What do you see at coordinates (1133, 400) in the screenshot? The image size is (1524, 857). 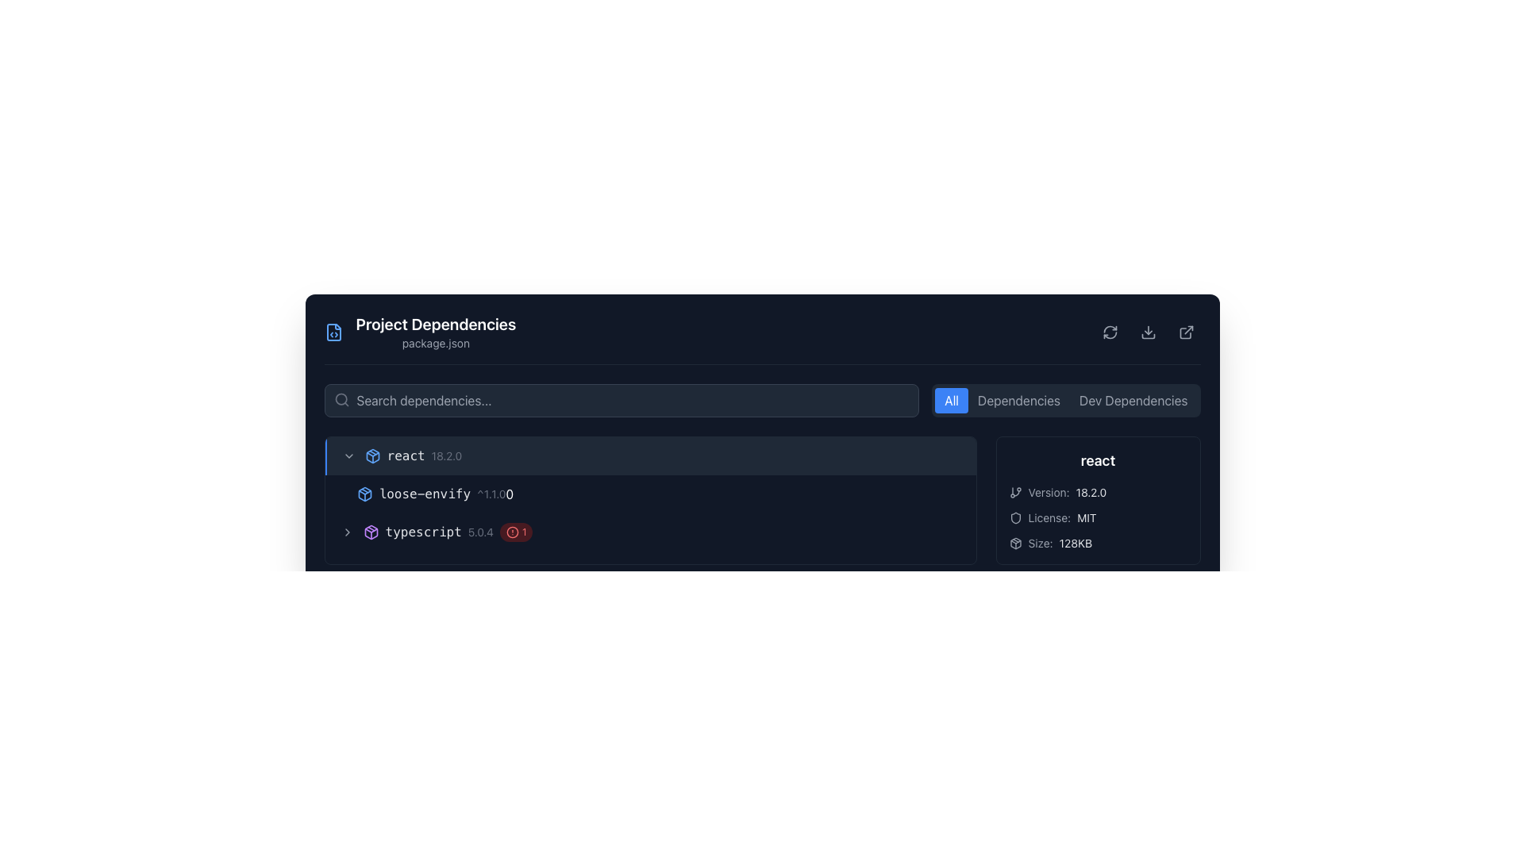 I see `the 'Dev Dependencies' button, which has a gray background and is the third button in a group of three located near the top-right of the view` at bounding box center [1133, 400].